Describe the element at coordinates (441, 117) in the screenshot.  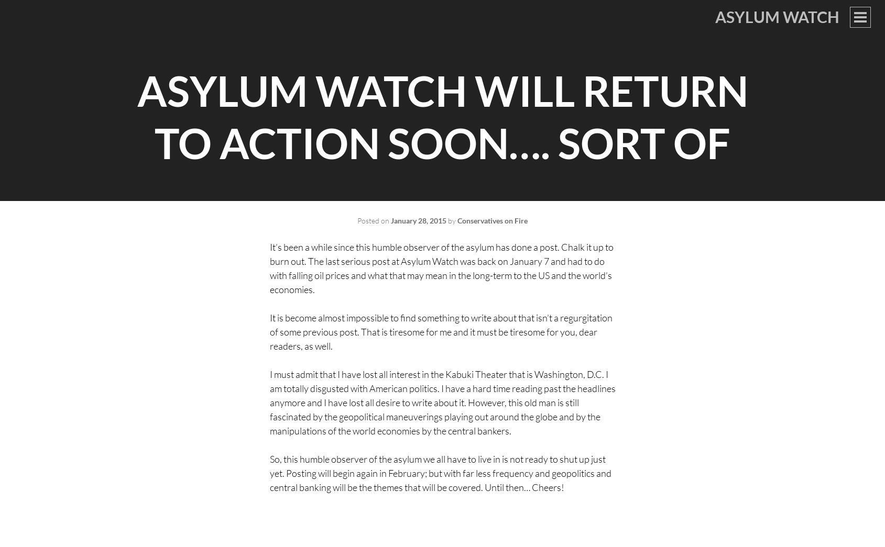
I see `'Asylum Watch Will Return To Action Soon…. Sort Of'` at that location.